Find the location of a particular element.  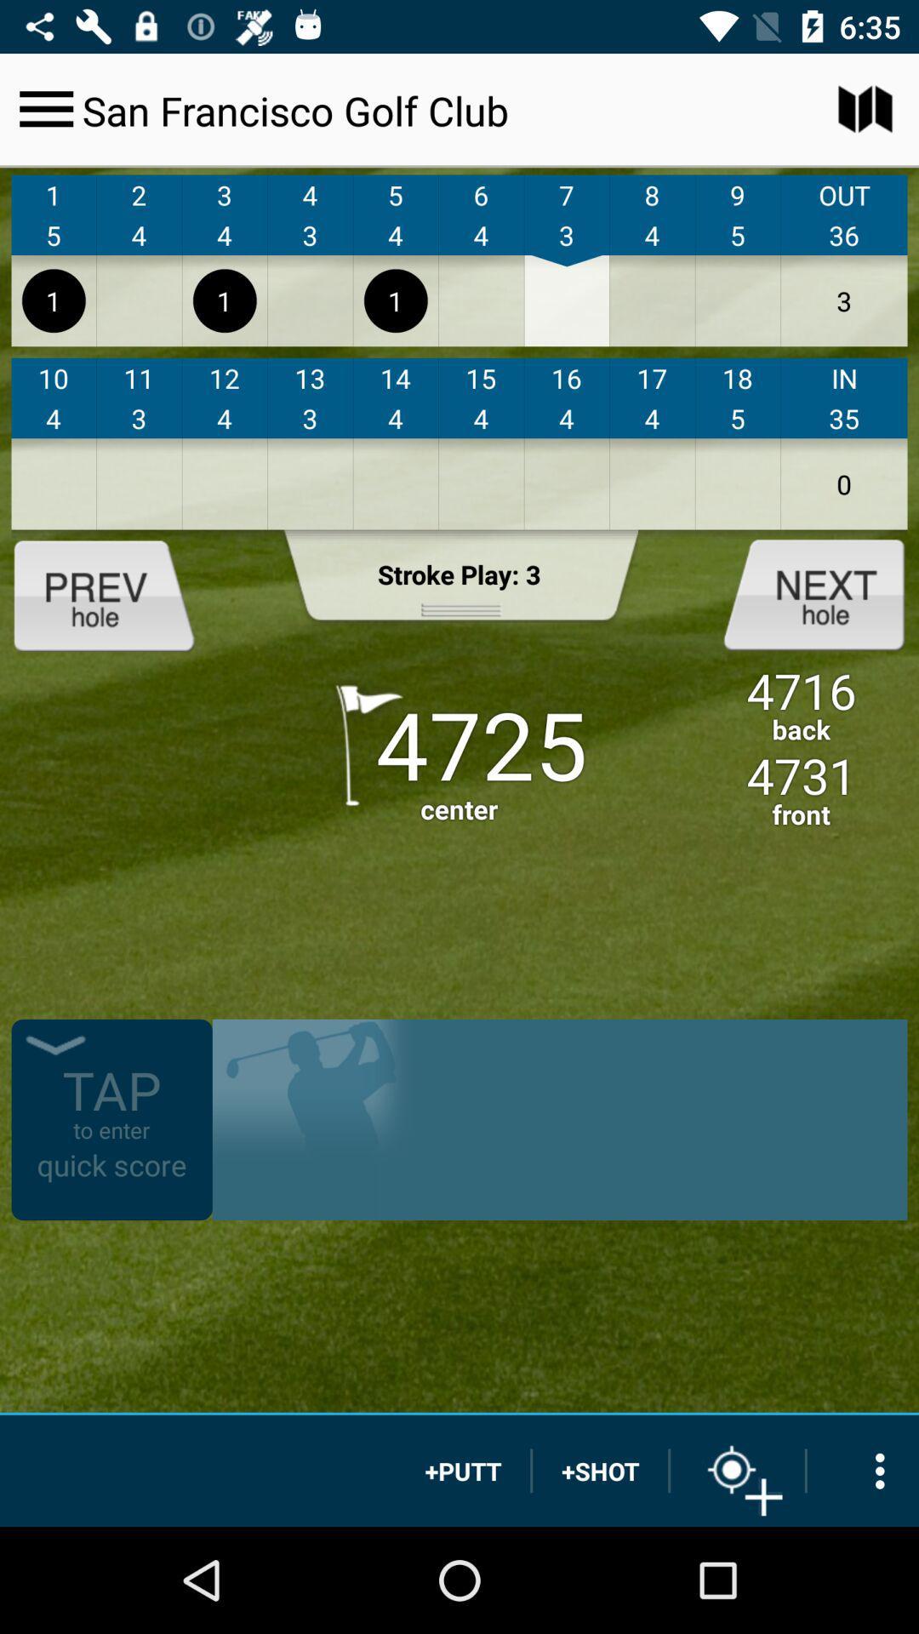

a location is located at coordinates (737, 1470).